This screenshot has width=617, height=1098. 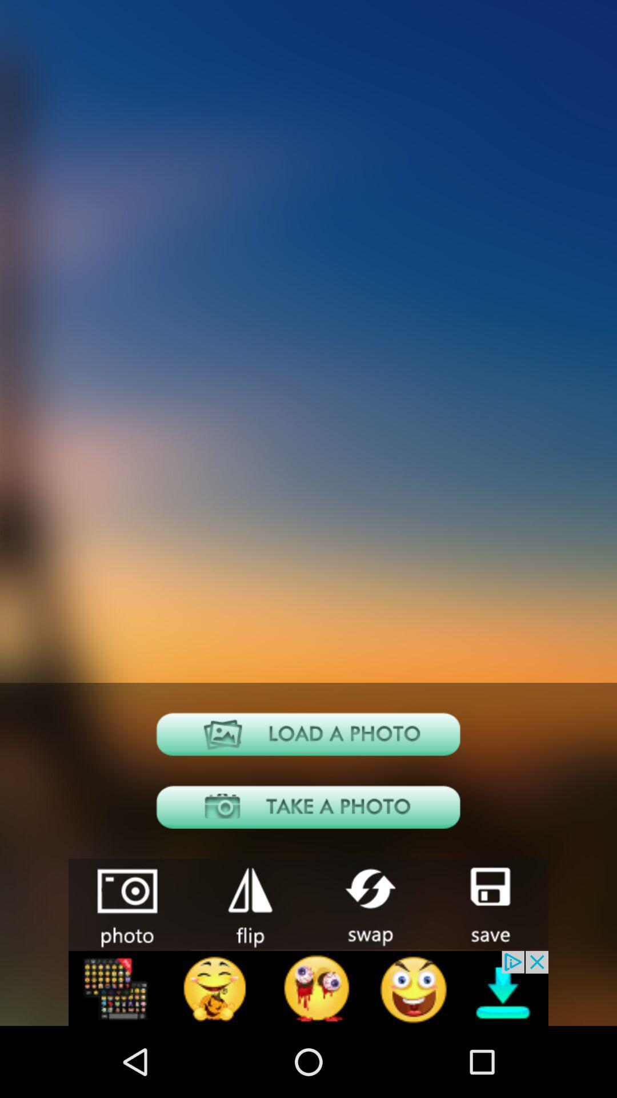 I want to click on flip image, so click(x=248, y=903).